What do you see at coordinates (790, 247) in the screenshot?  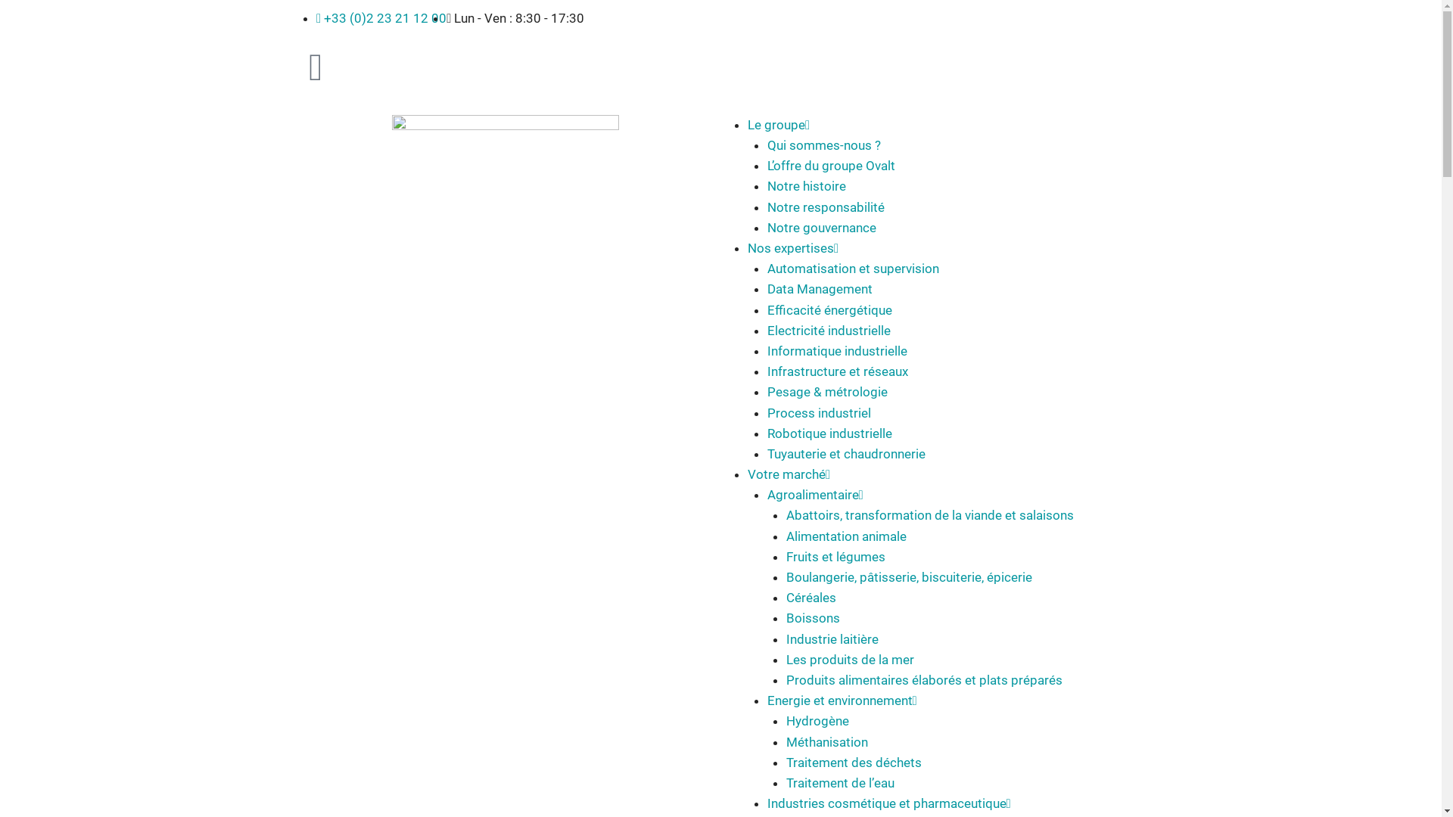 I see `'Nos expertises'` at bounding box center [790, 247].